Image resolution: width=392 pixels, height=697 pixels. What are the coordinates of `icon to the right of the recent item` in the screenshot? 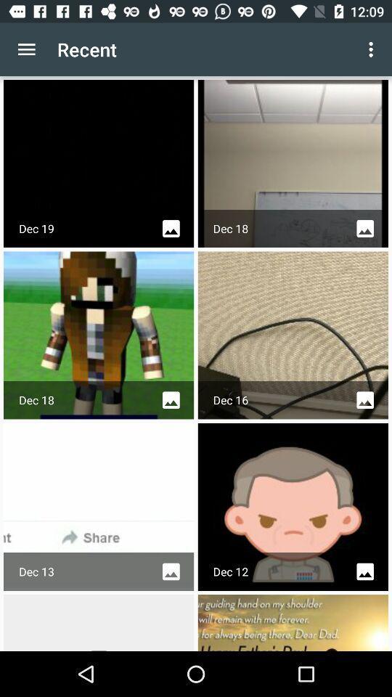 It's located at (372, 49).